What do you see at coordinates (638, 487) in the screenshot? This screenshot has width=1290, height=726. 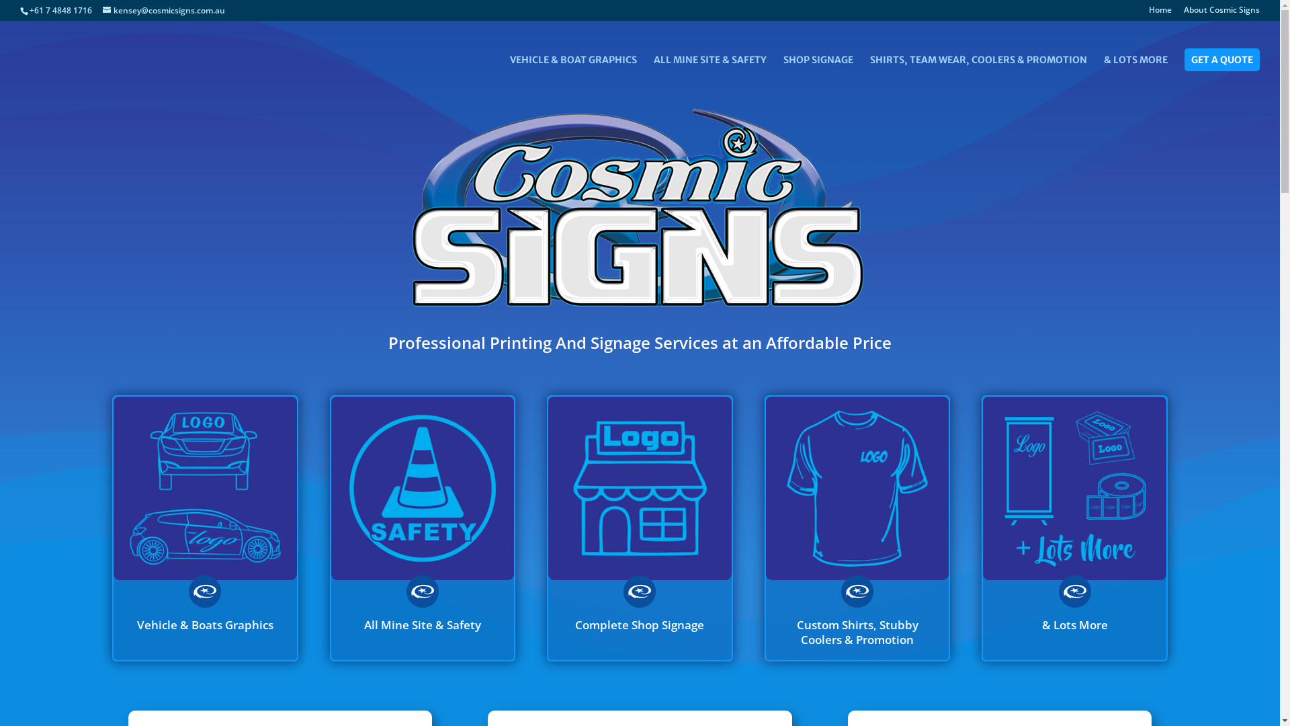 I see `'COSMIC-ICON-Shop-Signage'` at bounding box center [638, 487].